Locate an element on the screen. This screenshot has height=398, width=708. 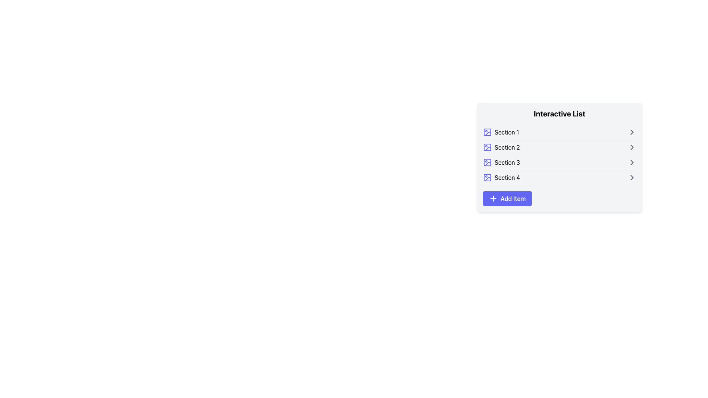
the right-pointing chevron icon that signifies the rightward navigation option for the third list item labeled 'Section 3' in the interactive list is located at coordinates (631, 162).